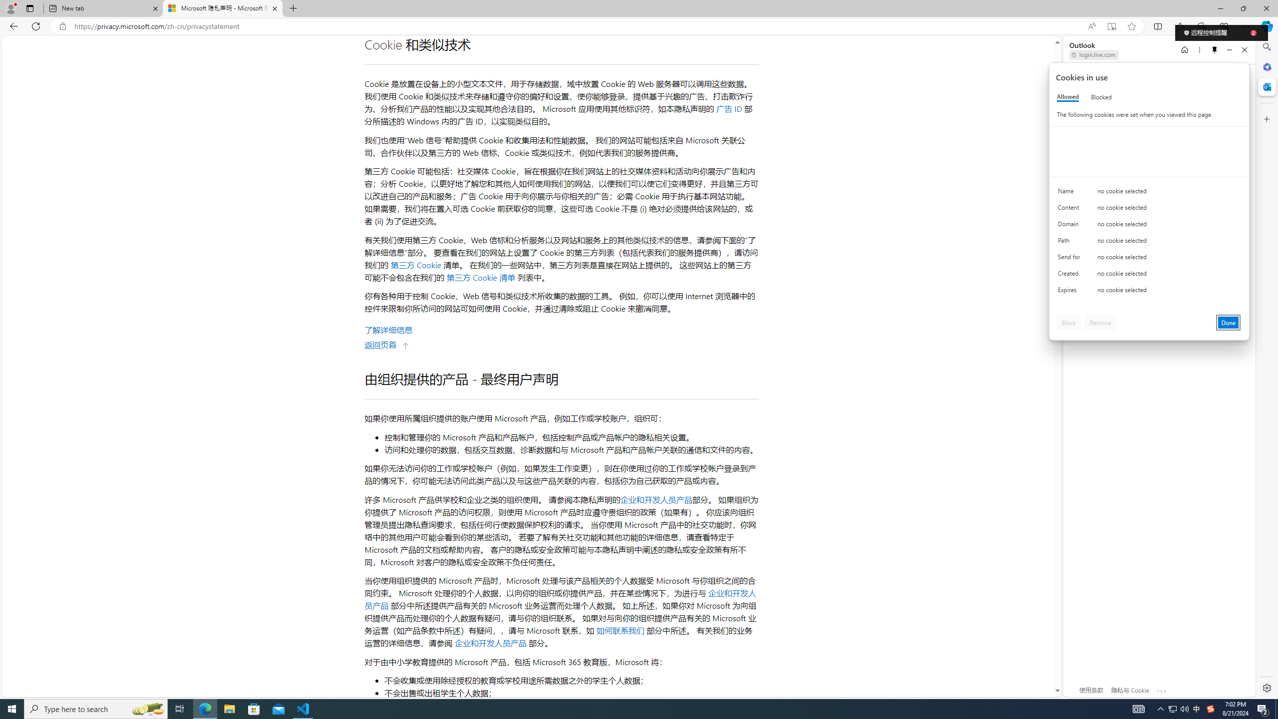  Describe the element at coordinates (1068, 323) in the screenshot. I see `'Block'` at that location.